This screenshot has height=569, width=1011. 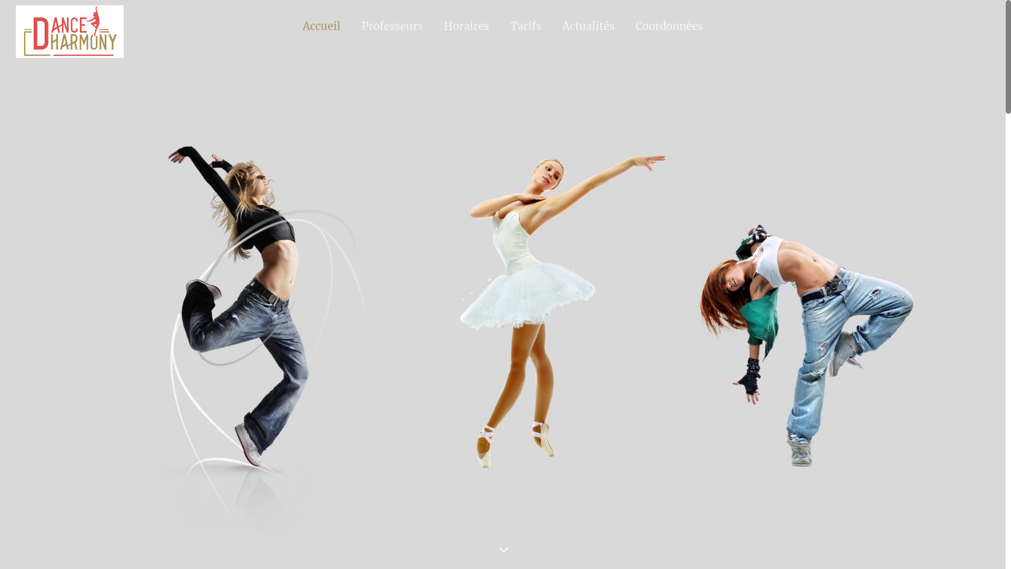 I want to click on 'Accueil', so click(x=321, y=25).